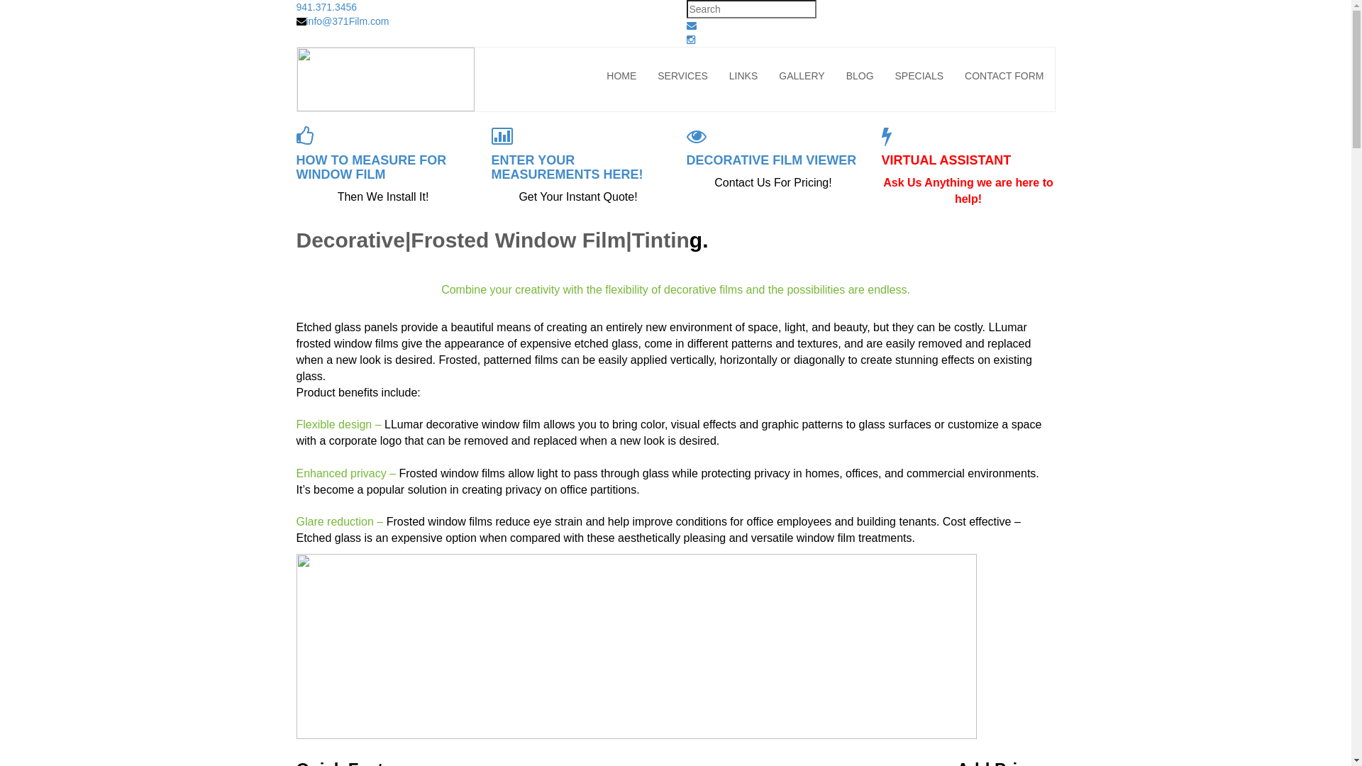 The height and width of the screenshot is (766, 1362). I want to click on 'HOW TO MEASURE FOR WINDOW FILM, so click(383, 165).